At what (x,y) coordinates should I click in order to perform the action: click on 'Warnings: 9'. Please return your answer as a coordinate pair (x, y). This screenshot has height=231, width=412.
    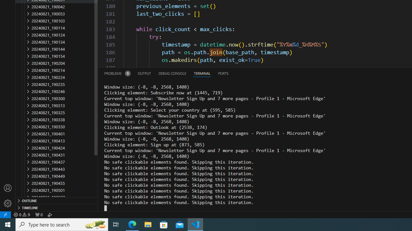
    Looking at the image, I should click on (22, 214).